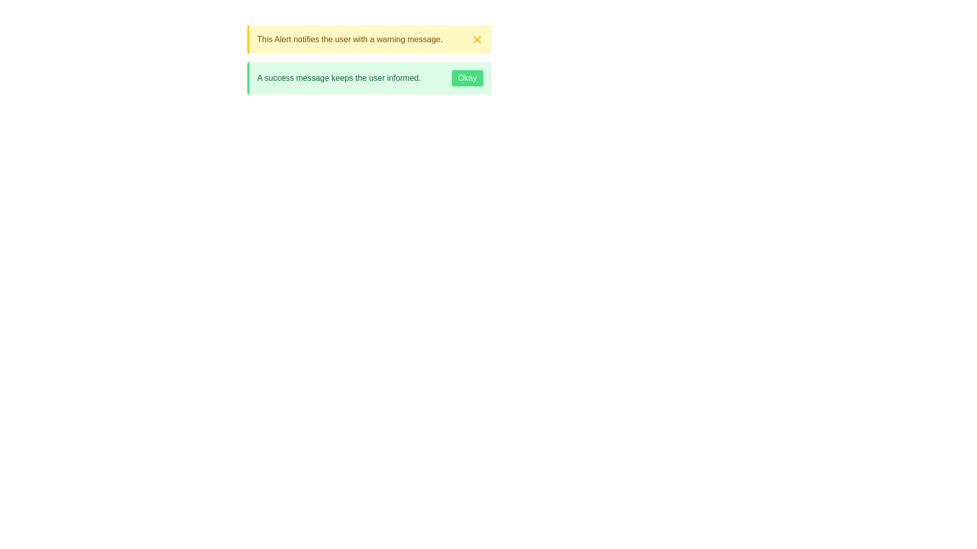 This screenshot has width=977, height=549. I want to click on the close icon in the top-right corner of the yellow warning alert box, which is represented by an intersecting diagonal cross shape, so click(476, 39).